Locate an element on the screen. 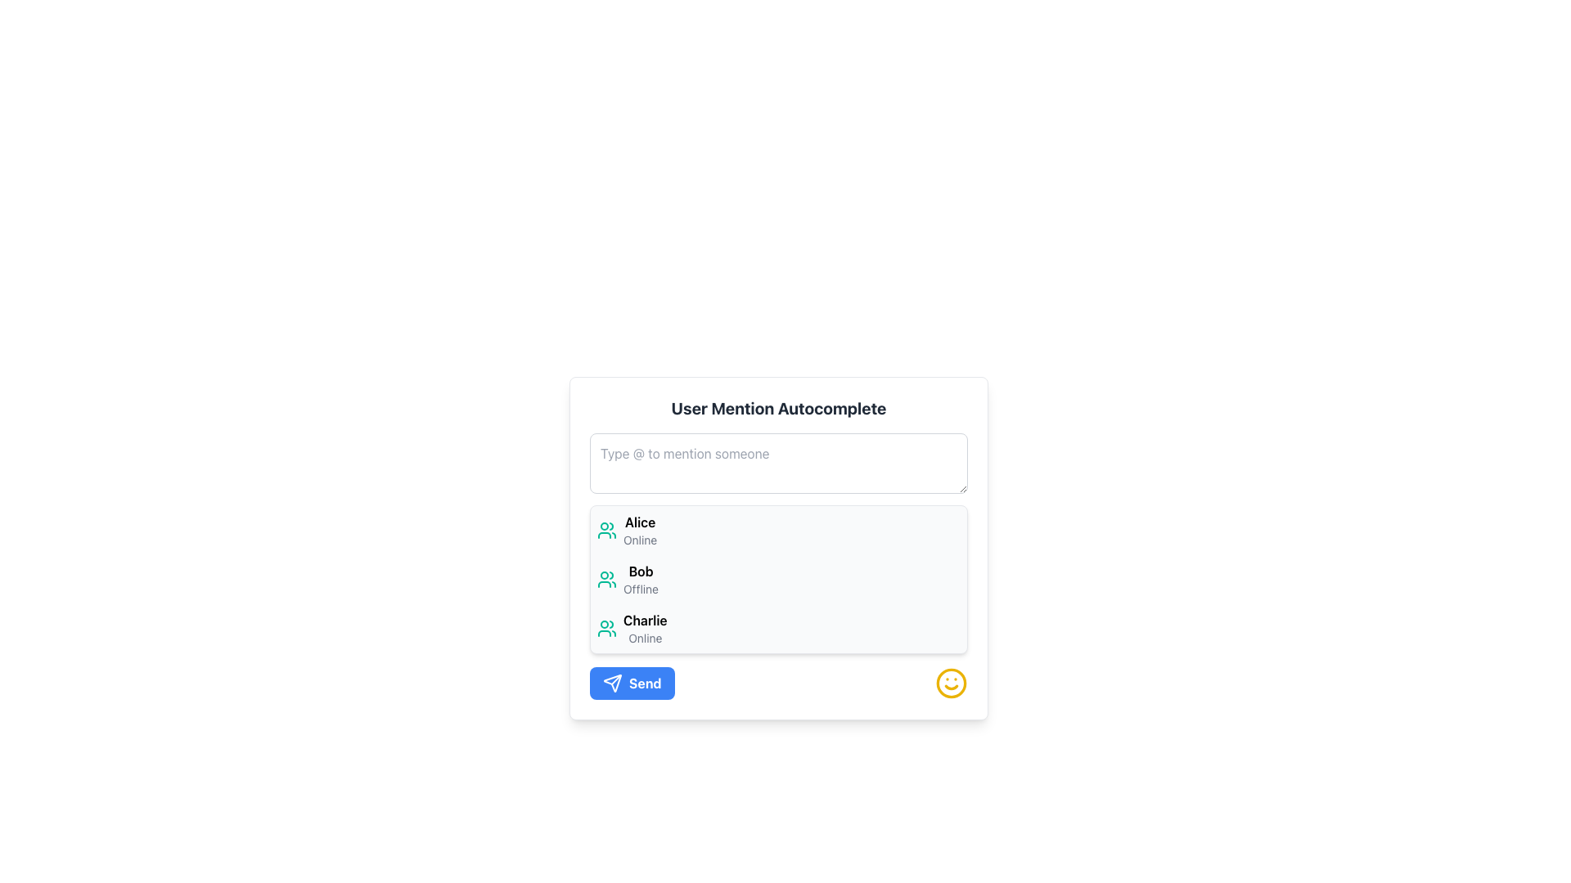 The image size is (1571, 883). the user entry for 'Bob' in the mention autocomplete list, which indicates the user is 'Offline' is located at coordinates (777, 579).